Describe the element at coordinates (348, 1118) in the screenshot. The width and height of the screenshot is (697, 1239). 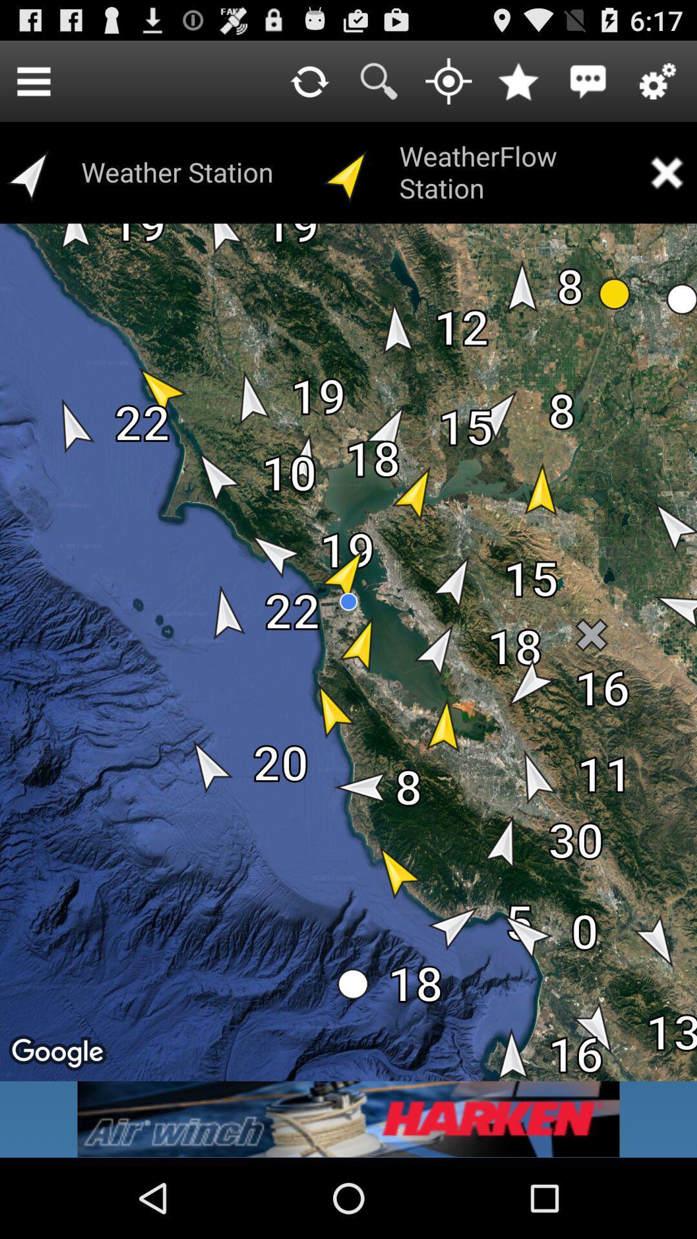
I see `advertisement` at that location.